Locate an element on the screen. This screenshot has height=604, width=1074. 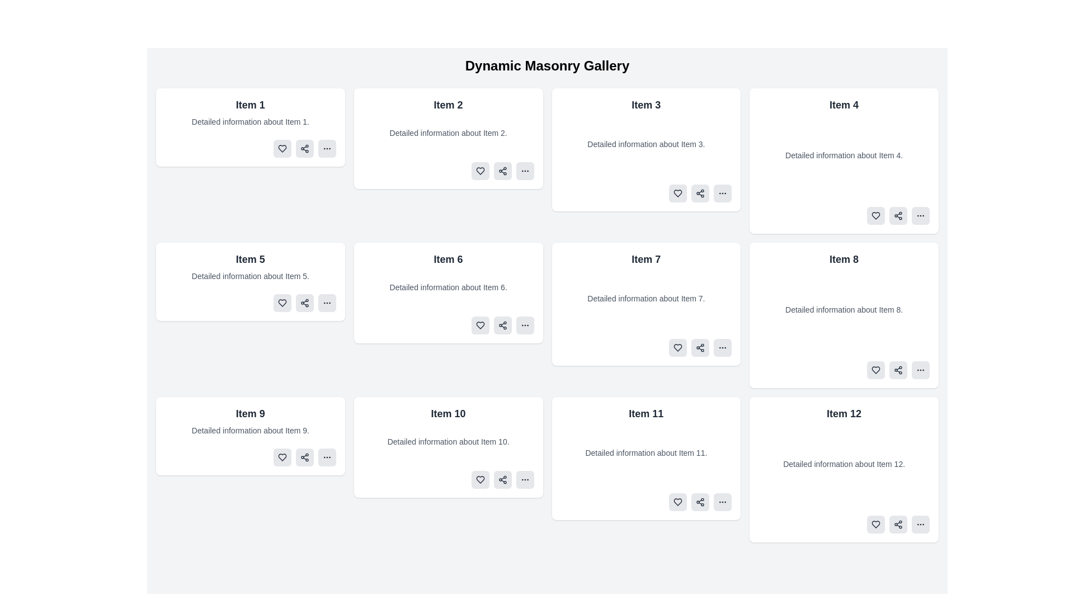
the informational text element reading 'Detailed information about Item 2' which is centrally positioned within the card titled 'Item 2.' is located at coordinates (448, 133).